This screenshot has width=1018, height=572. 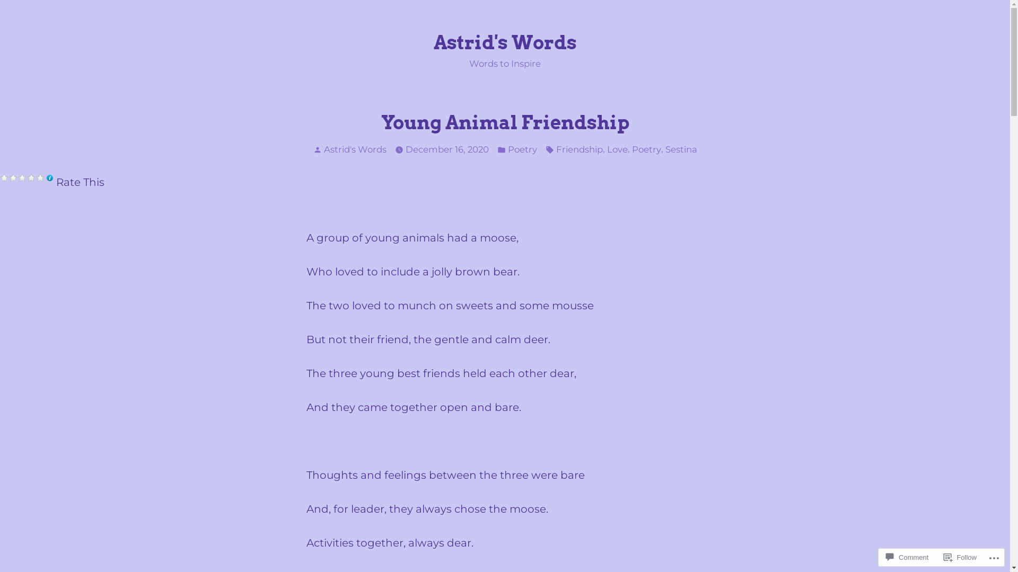 What do you see at coordinates (960, 557) in the screenshot?
I see `'Follow'` at bounding box center [960, 557].